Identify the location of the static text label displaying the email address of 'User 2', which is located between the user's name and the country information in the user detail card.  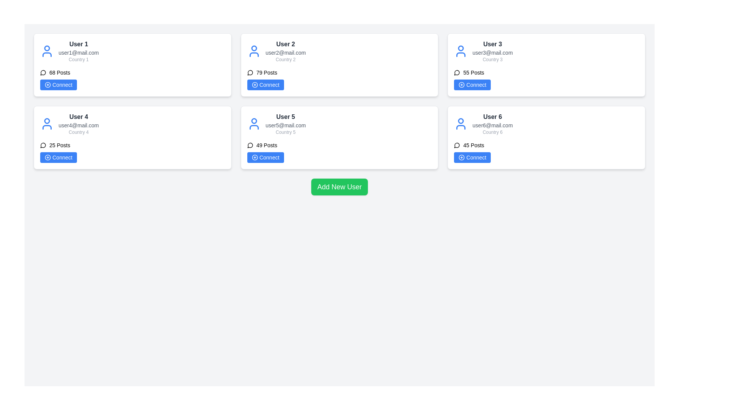
(285, 52).